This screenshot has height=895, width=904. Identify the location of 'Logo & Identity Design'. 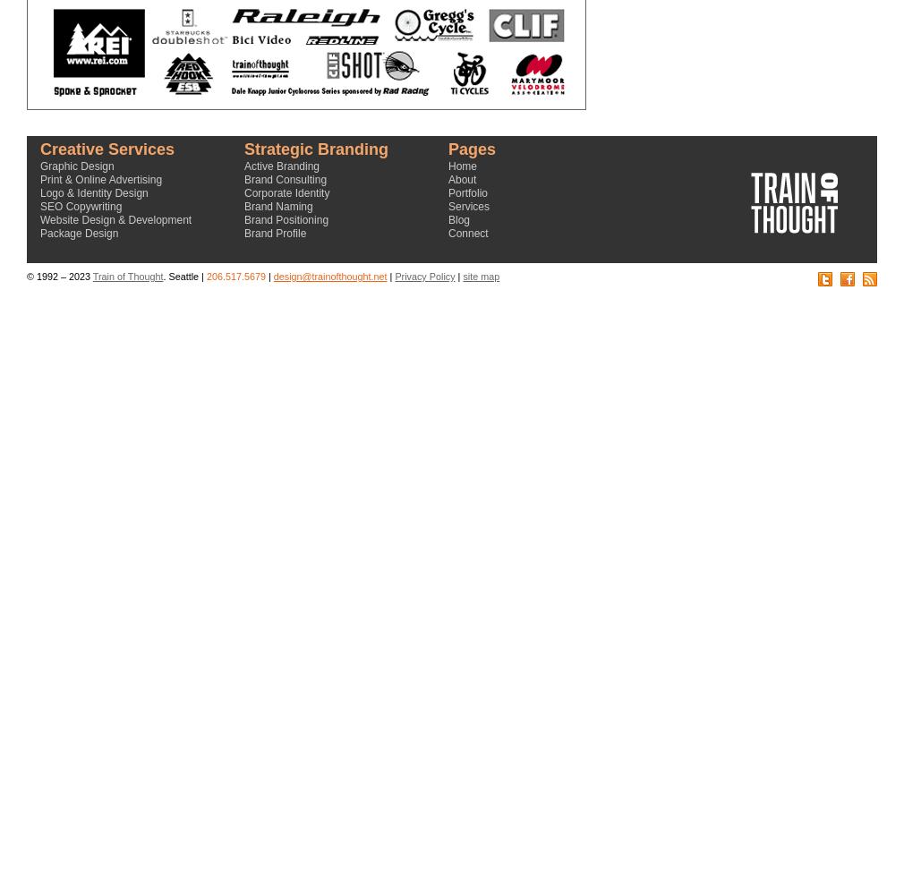
(93, 192).